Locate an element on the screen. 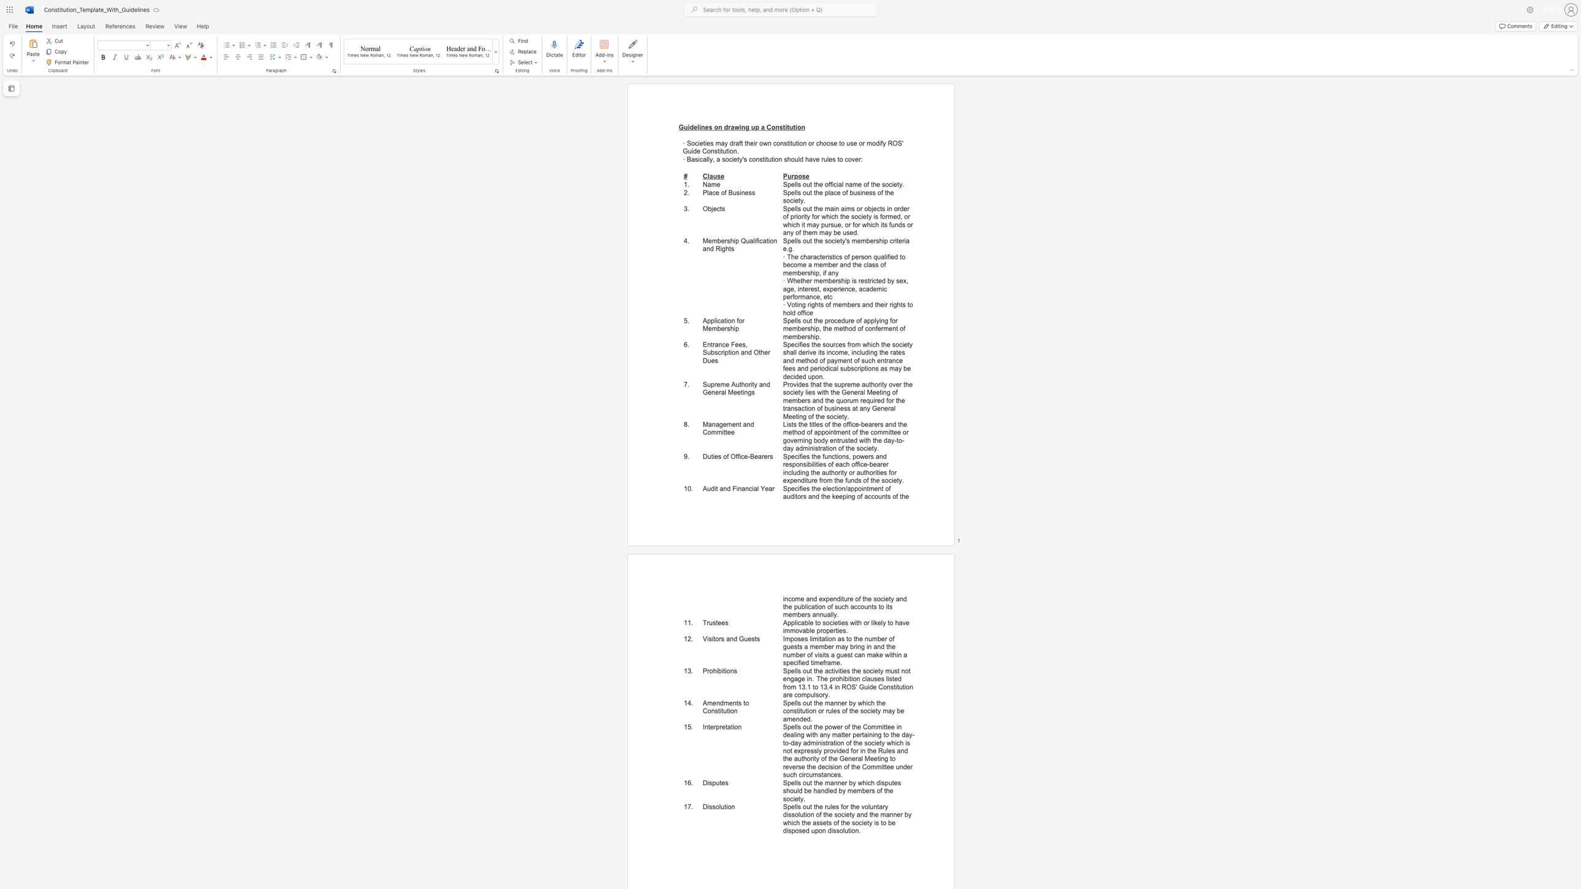 This screenshot has height=889, width=1581. the 2th character "n" in the text is located at coordinates (719, 127).